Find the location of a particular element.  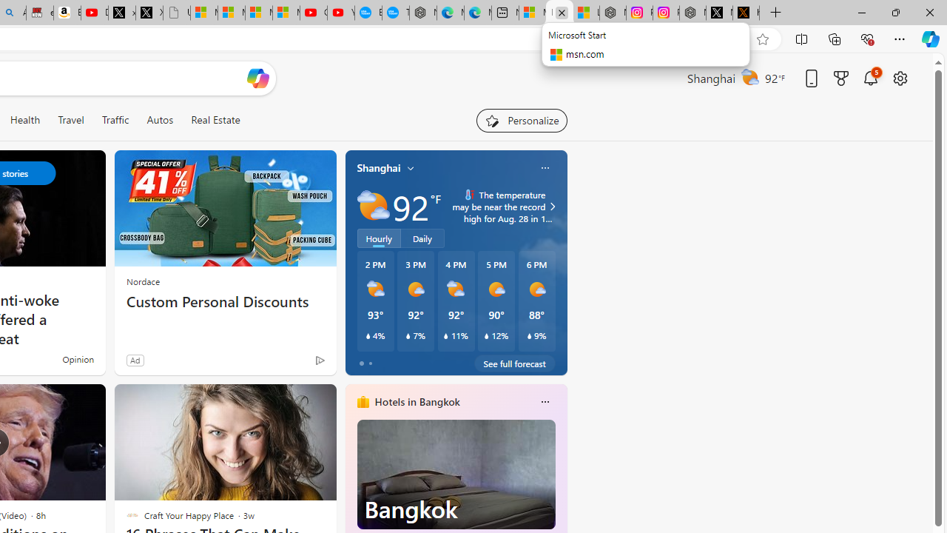

'Open settings' is located at coordinates (899, 78).